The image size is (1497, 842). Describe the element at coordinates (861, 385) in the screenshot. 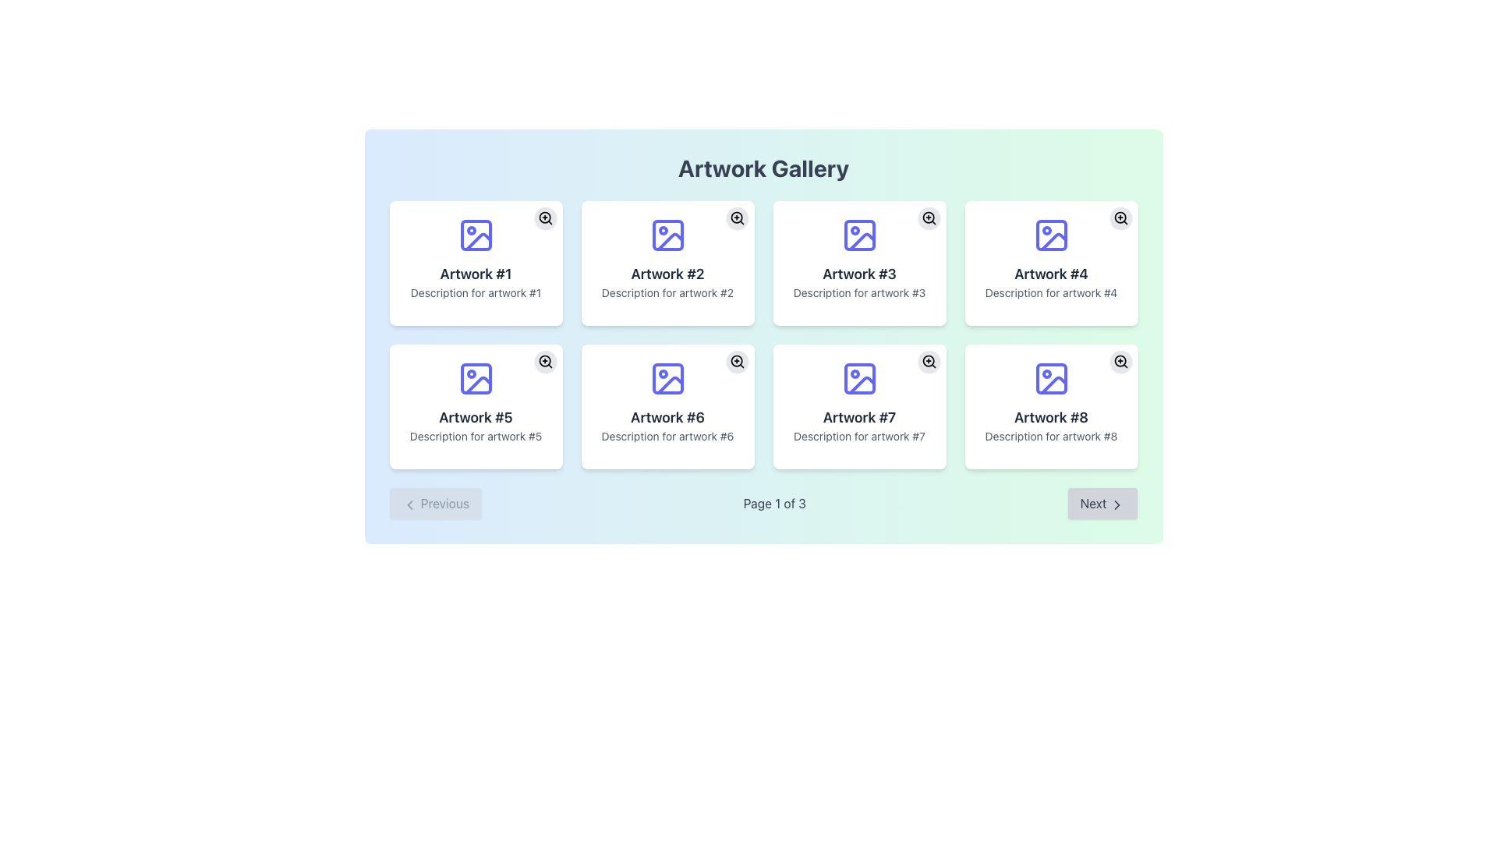

I see `the Vector Icon Component within the 'Artwork #7' card in the artwork gallery` at that location.